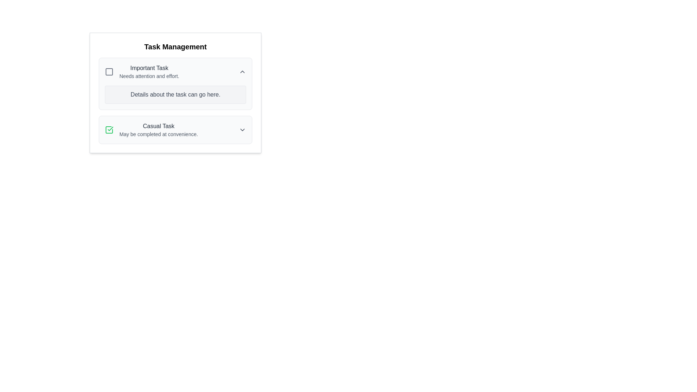  What do you see at coordinates (242, 72) in the screenshot?
I see `the Icon button located in the 'Important Task' section of the 'Task Management' interface` at bounding box center [242, 72].